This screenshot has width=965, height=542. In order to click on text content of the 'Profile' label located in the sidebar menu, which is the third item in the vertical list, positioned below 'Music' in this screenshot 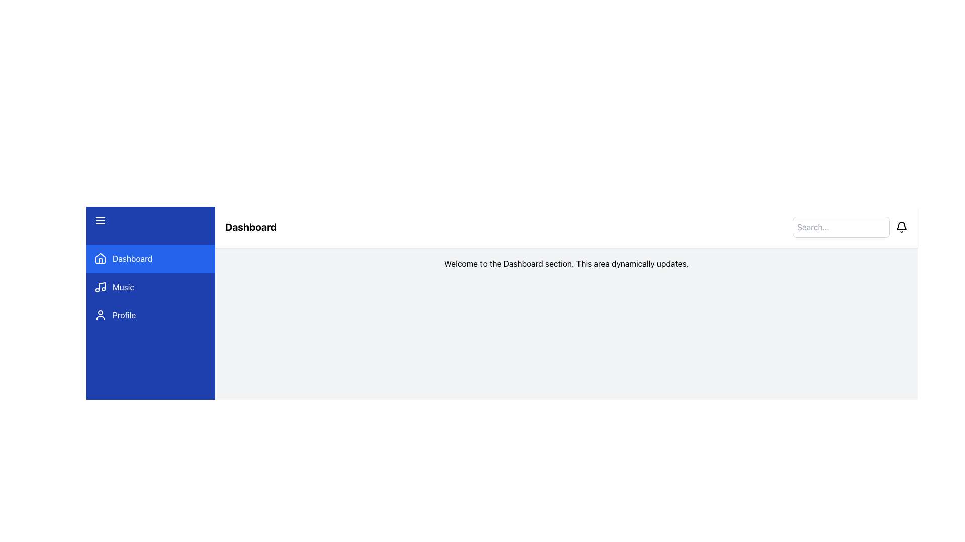, I will do `click(124, 315)`.